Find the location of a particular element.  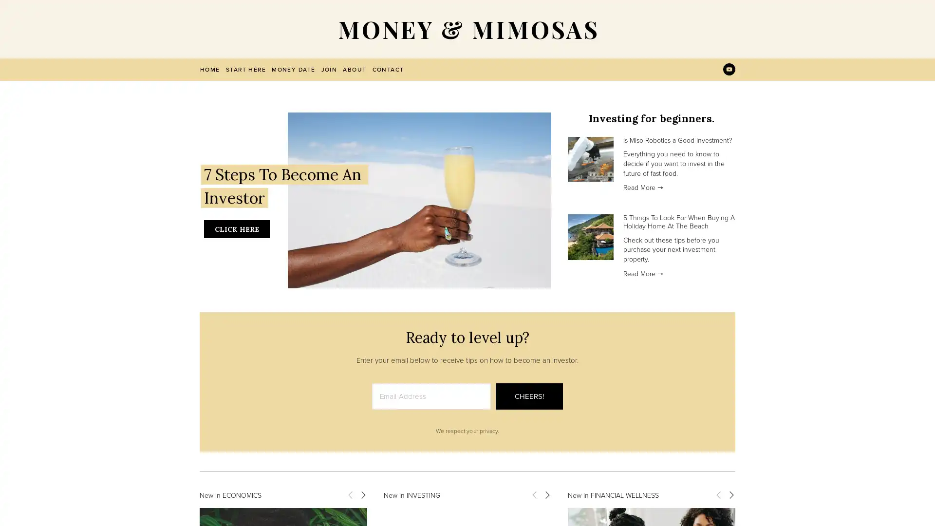

Previous is located at coordinates (350, 494).